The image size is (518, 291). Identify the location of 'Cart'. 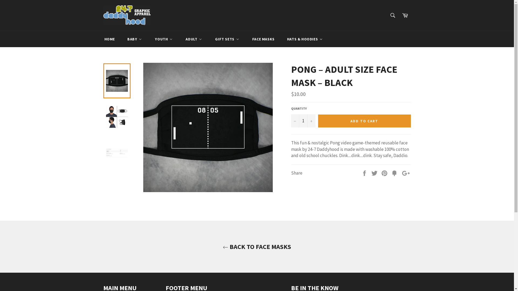
(405, 15).